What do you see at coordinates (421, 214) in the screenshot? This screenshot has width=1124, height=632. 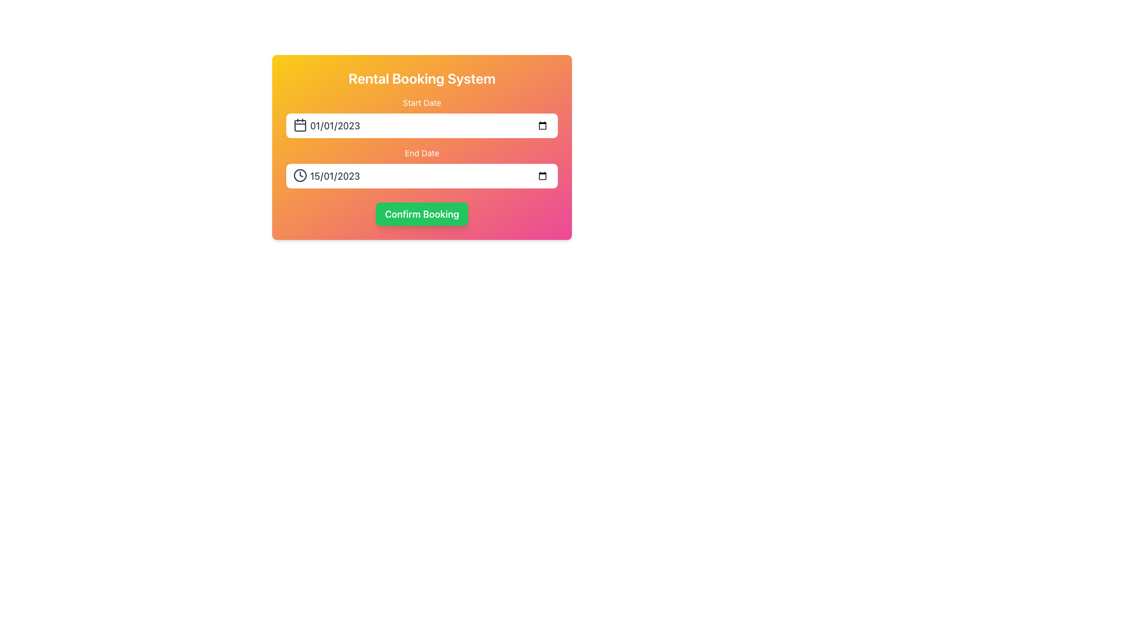 I see `the confirmation button for completing the booking process` at bounding box center [421, 214].